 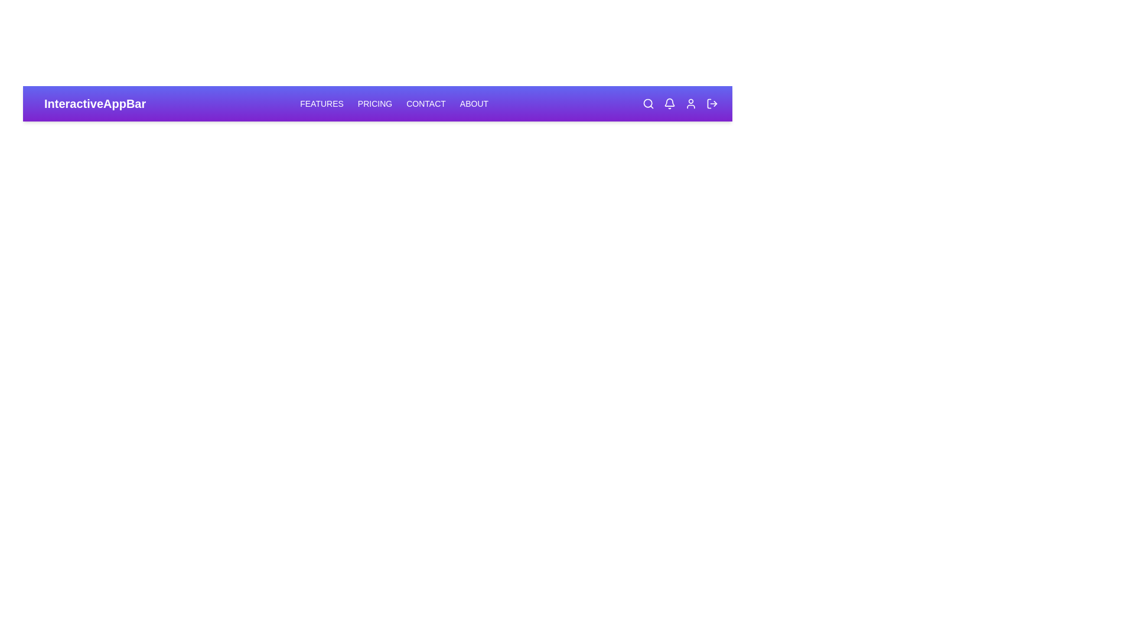 I want to click on the 'InteractiveAppBar' text to select it, so click(x=90, y=103).